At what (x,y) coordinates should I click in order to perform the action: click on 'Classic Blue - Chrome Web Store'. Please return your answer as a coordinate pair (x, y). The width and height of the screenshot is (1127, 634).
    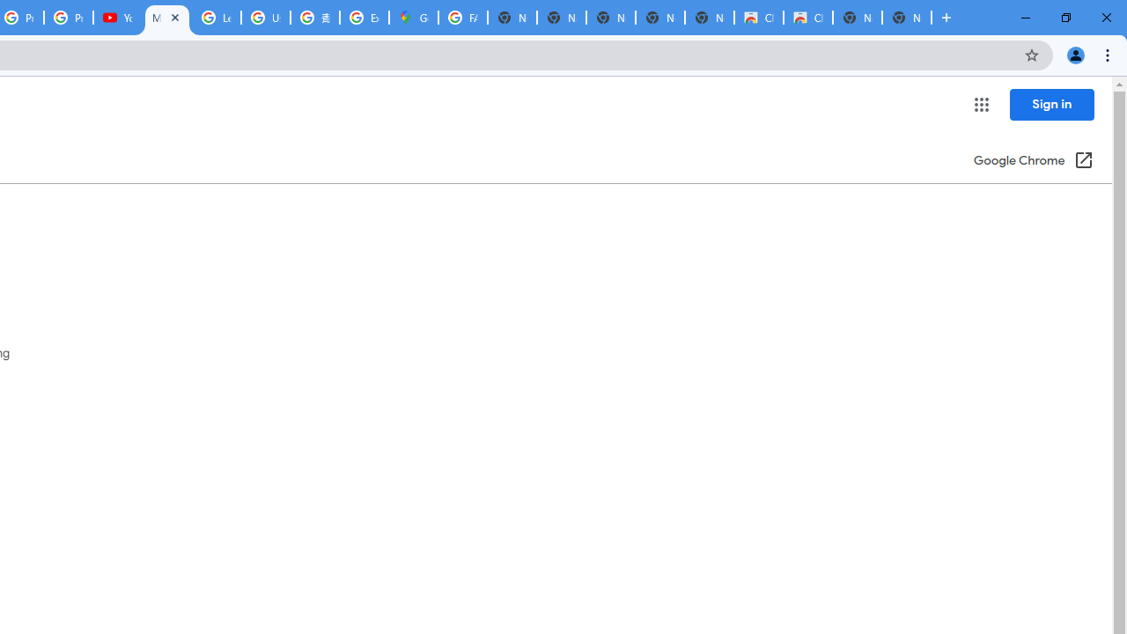
    Looking at the image, I should click on (759, 18).